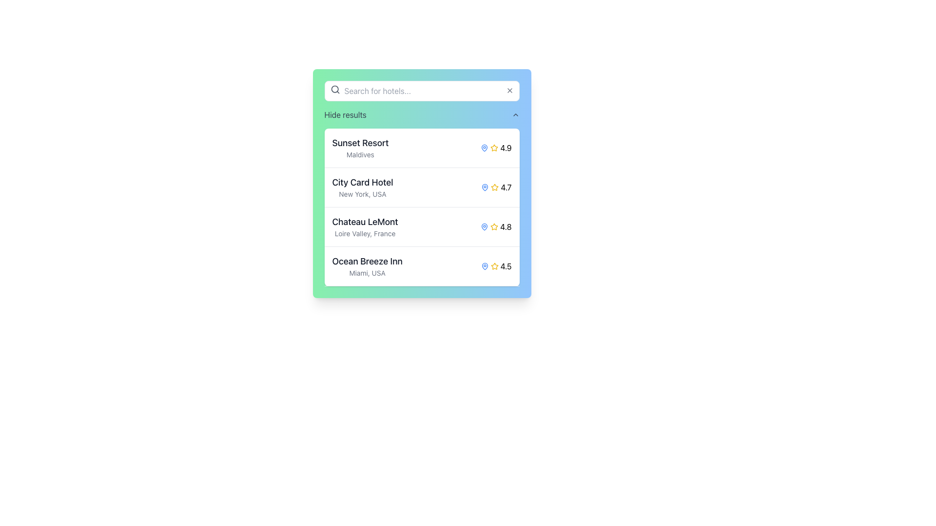  Describe the element at coordinates (422, 188) in the screenshot. I see `the second hotel listing in the list, which provides information about a specific hotel including its name, location, and rating` at that location.